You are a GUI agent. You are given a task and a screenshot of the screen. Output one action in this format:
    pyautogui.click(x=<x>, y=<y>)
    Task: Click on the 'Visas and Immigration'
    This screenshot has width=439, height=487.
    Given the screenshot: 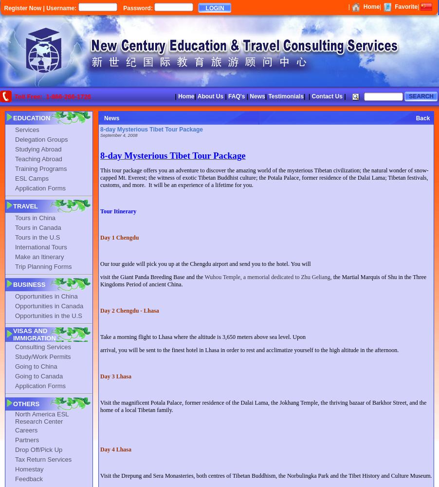 What is the action you would take?
    pyautogui.click(x=34, y=335)
    